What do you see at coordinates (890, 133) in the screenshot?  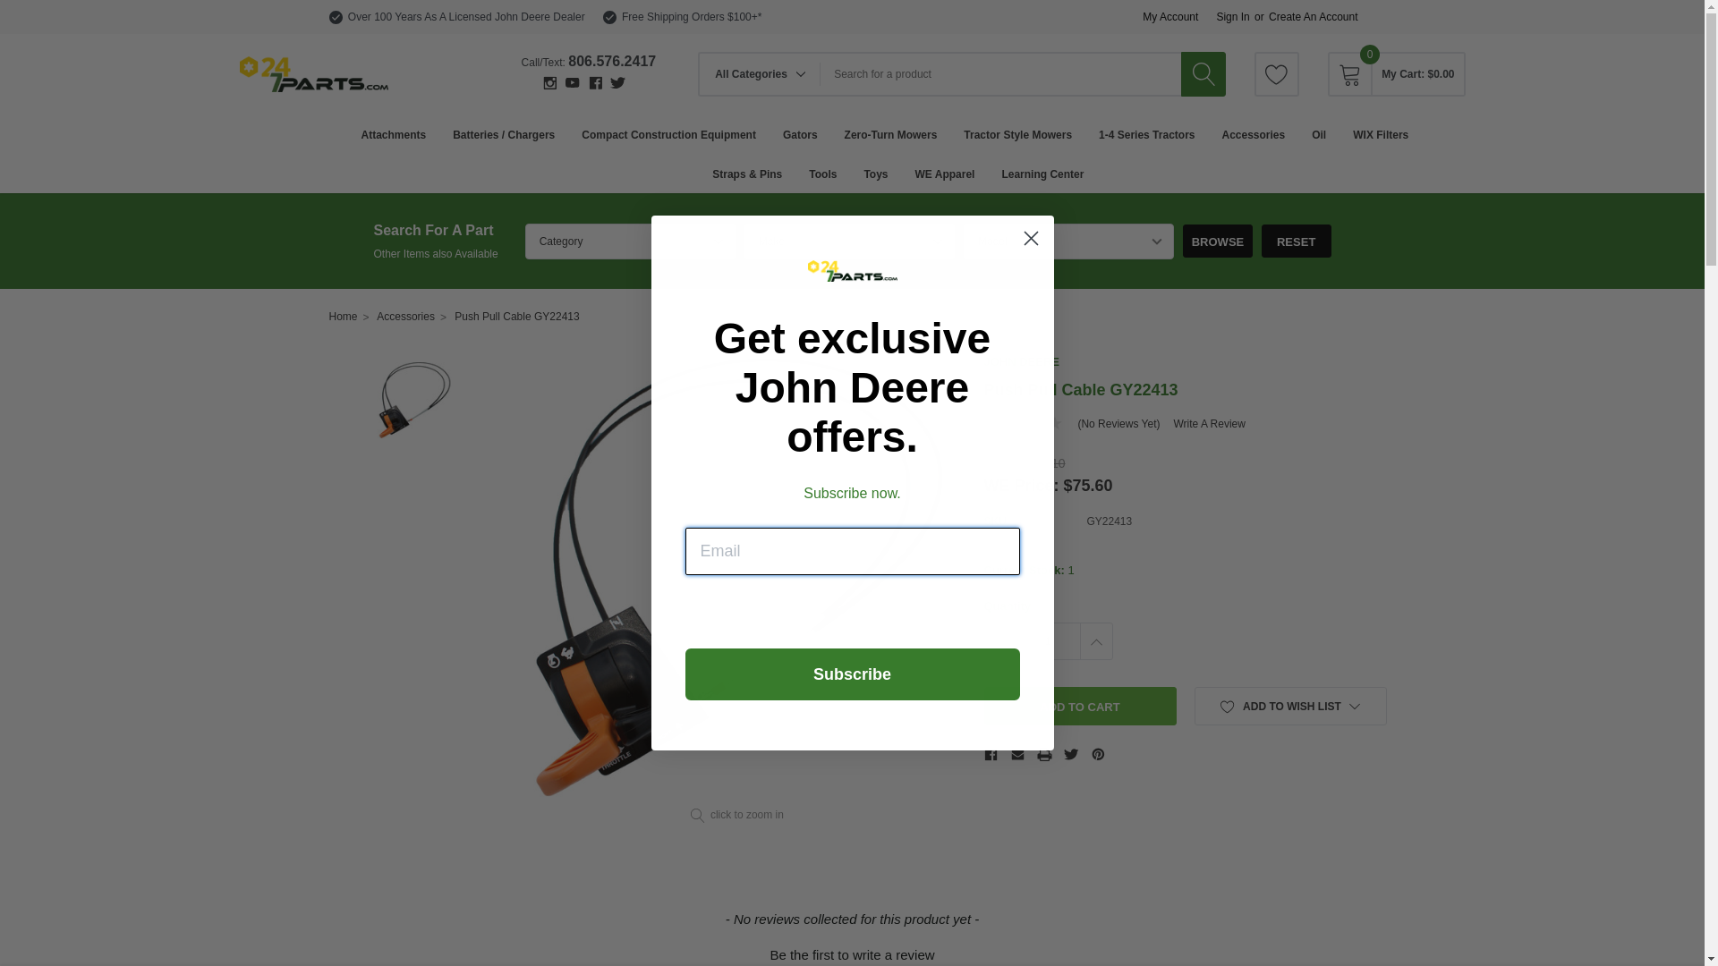 I see `'Zero-Turn Mowers'` at bounding box center [890, 133].